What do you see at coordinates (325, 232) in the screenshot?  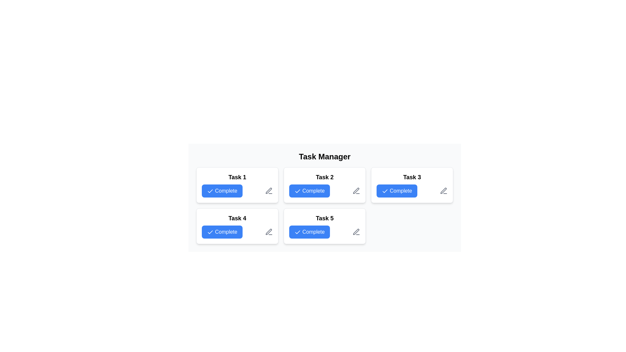 I see `the blue 'Complete' button with a white checkmark icon located in the 'Task 5' card` at bounding box center [325, 232].